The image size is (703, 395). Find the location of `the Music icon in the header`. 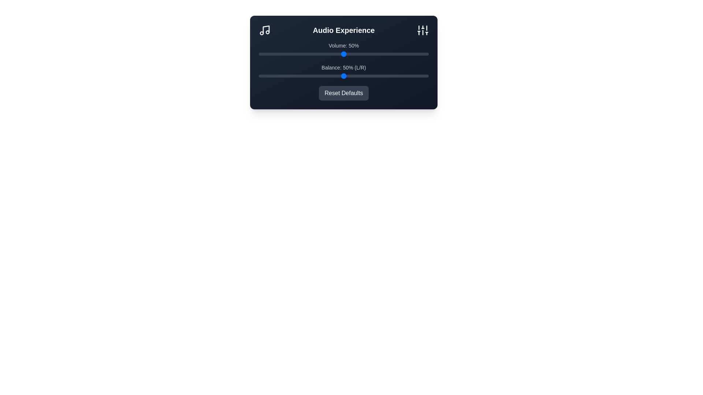

the Music icon in the header is located at coordinates (264, 30).